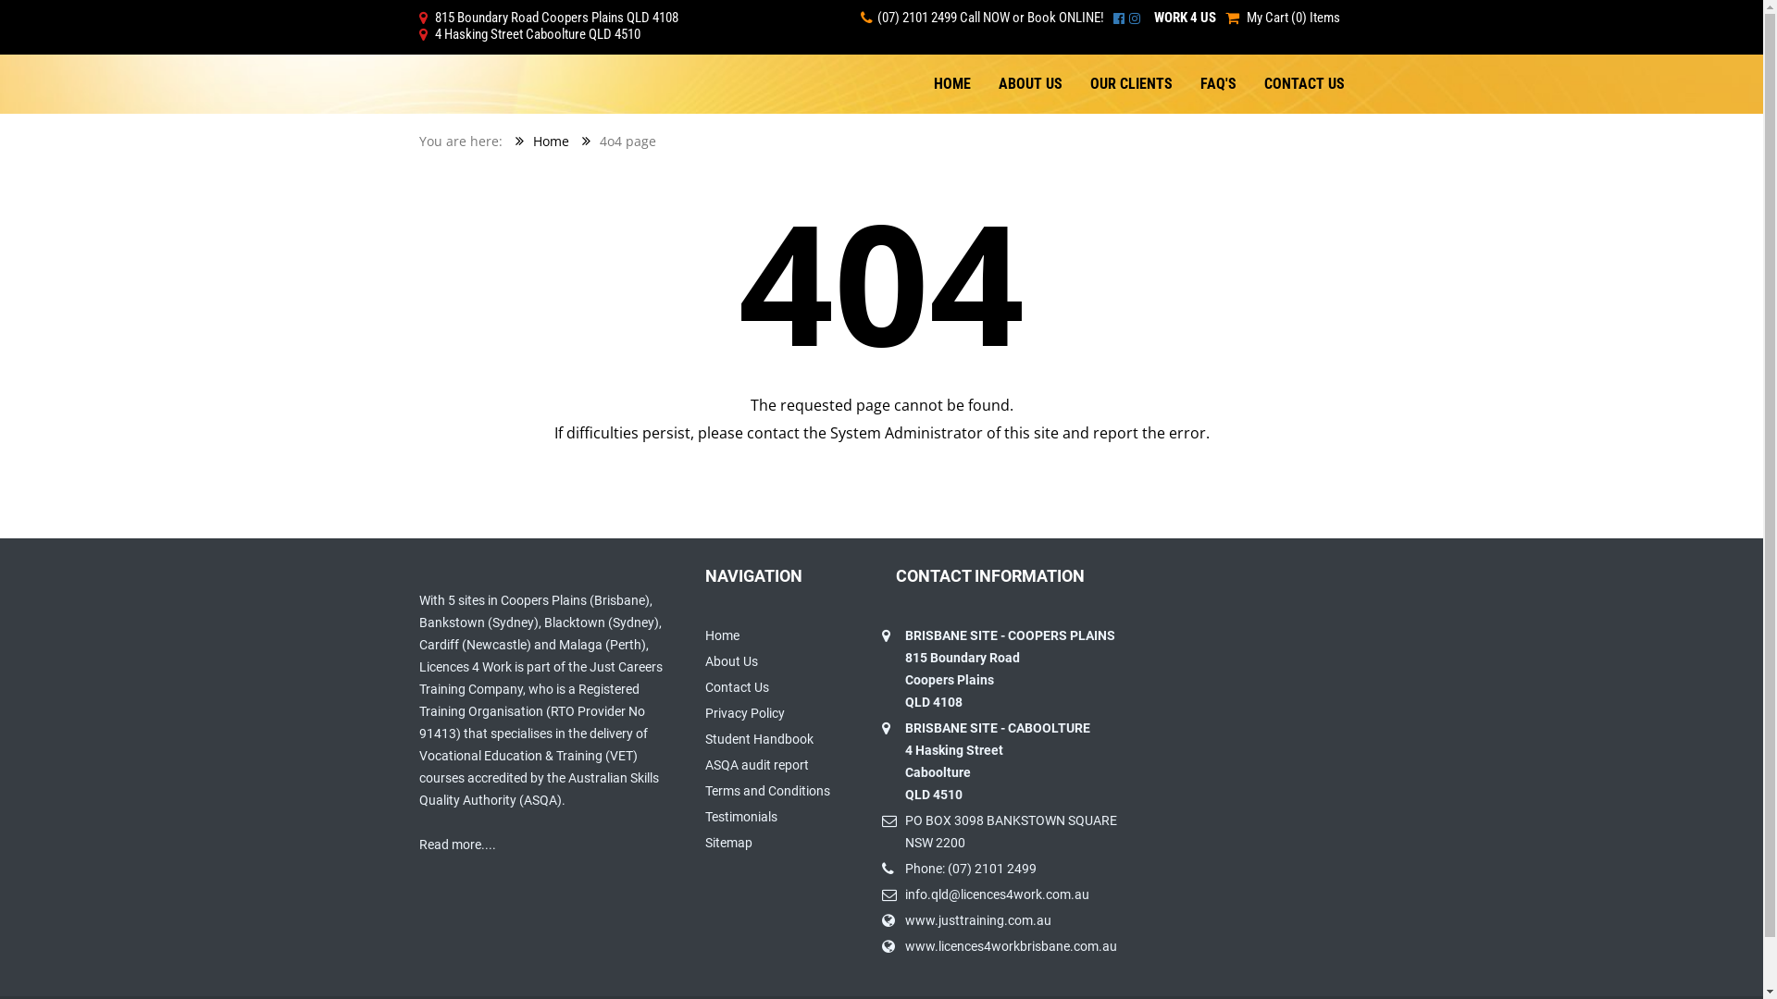 The image size is (1777, 999). Describe the element at coordinates (756, 764) in the screenshot. I see `'ASQA audit report'` at that location.